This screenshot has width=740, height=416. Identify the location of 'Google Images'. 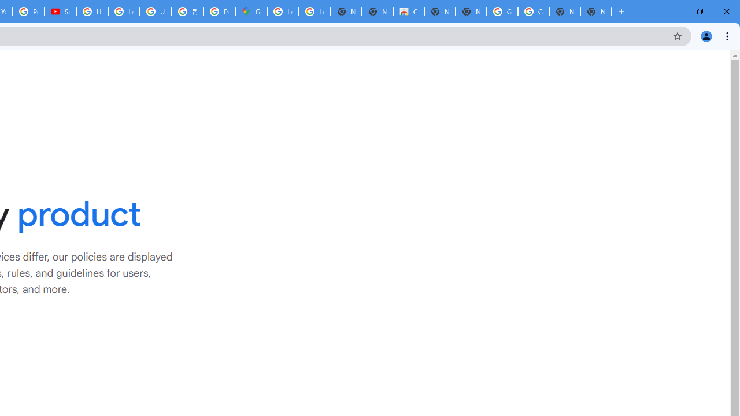
(502, 12).